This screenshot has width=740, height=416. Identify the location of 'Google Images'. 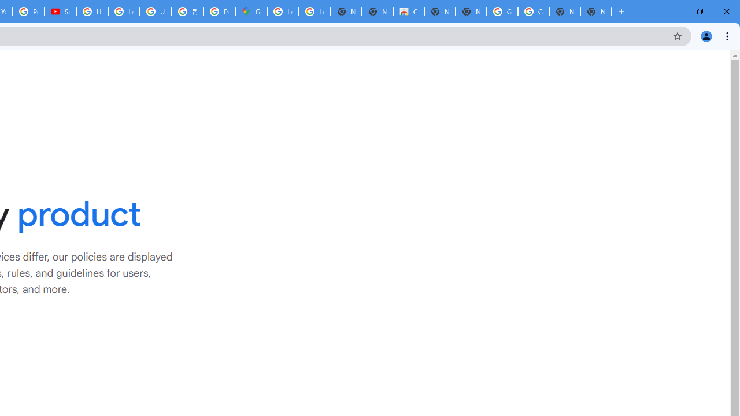
(502, 12).